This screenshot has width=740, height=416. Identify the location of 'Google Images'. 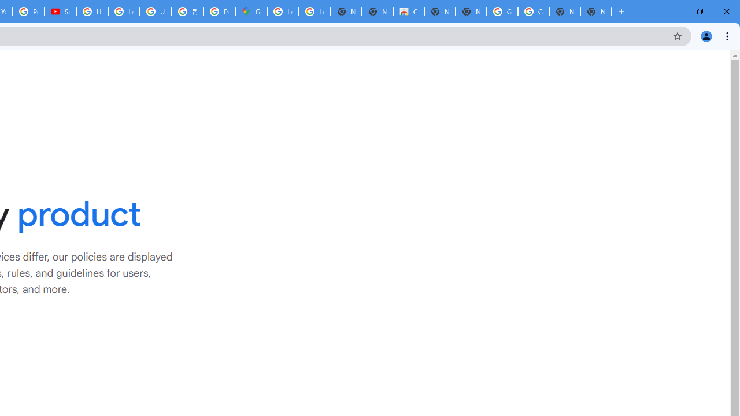
(502, 12).